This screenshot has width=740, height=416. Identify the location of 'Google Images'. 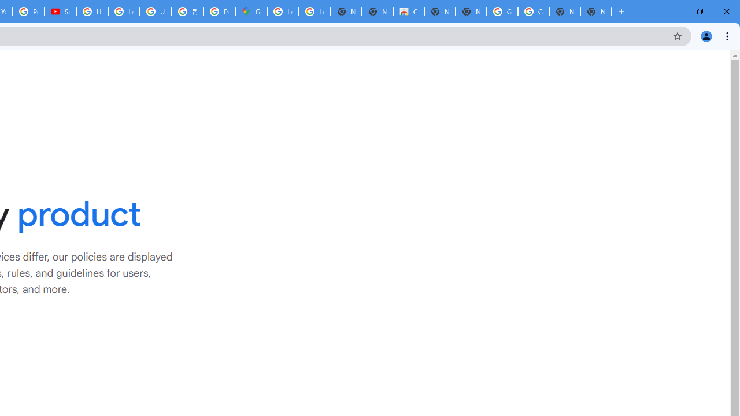
(502, 12).